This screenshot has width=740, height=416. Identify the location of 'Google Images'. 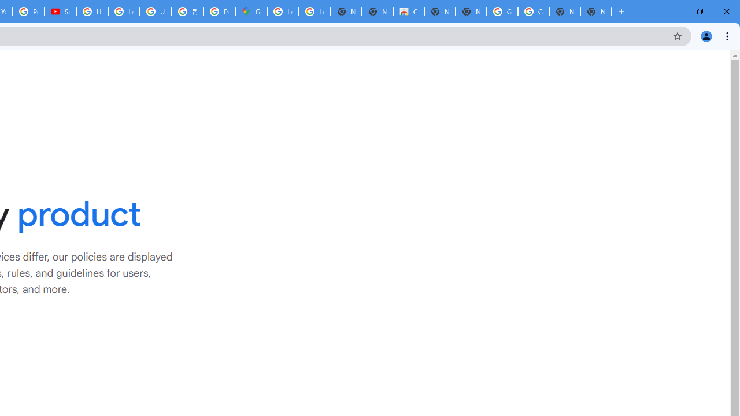
(502, 12).